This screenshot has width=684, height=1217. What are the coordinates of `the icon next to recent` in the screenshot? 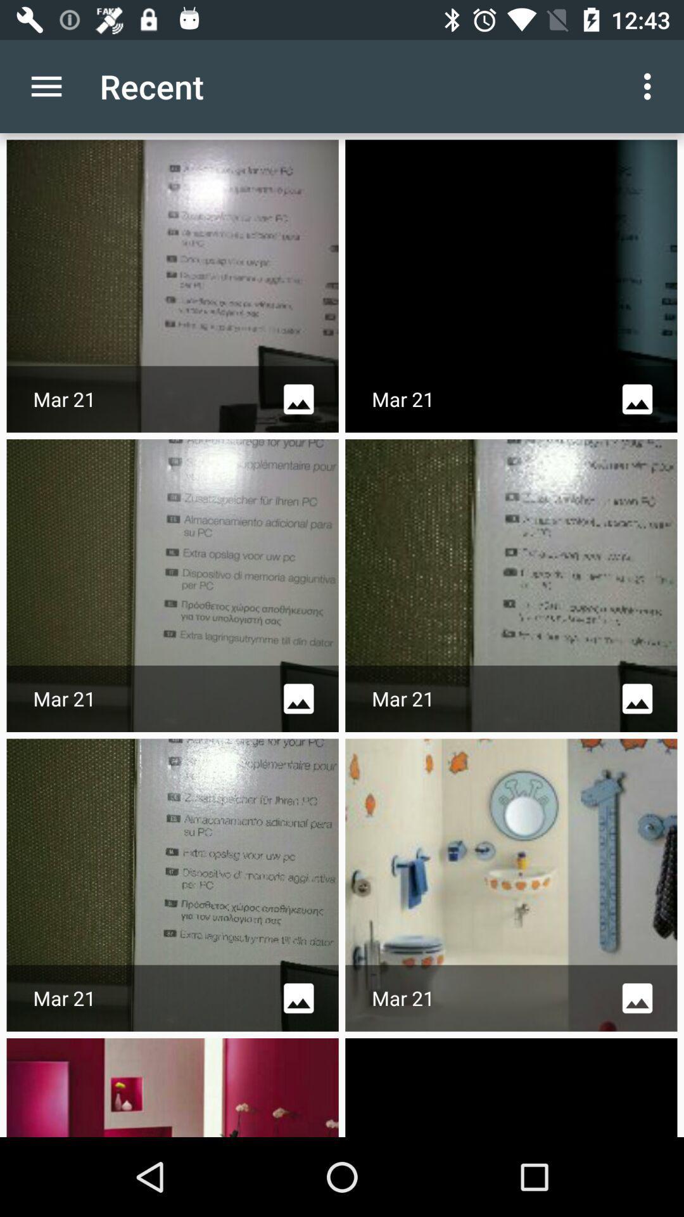 It's located at (46, 86).